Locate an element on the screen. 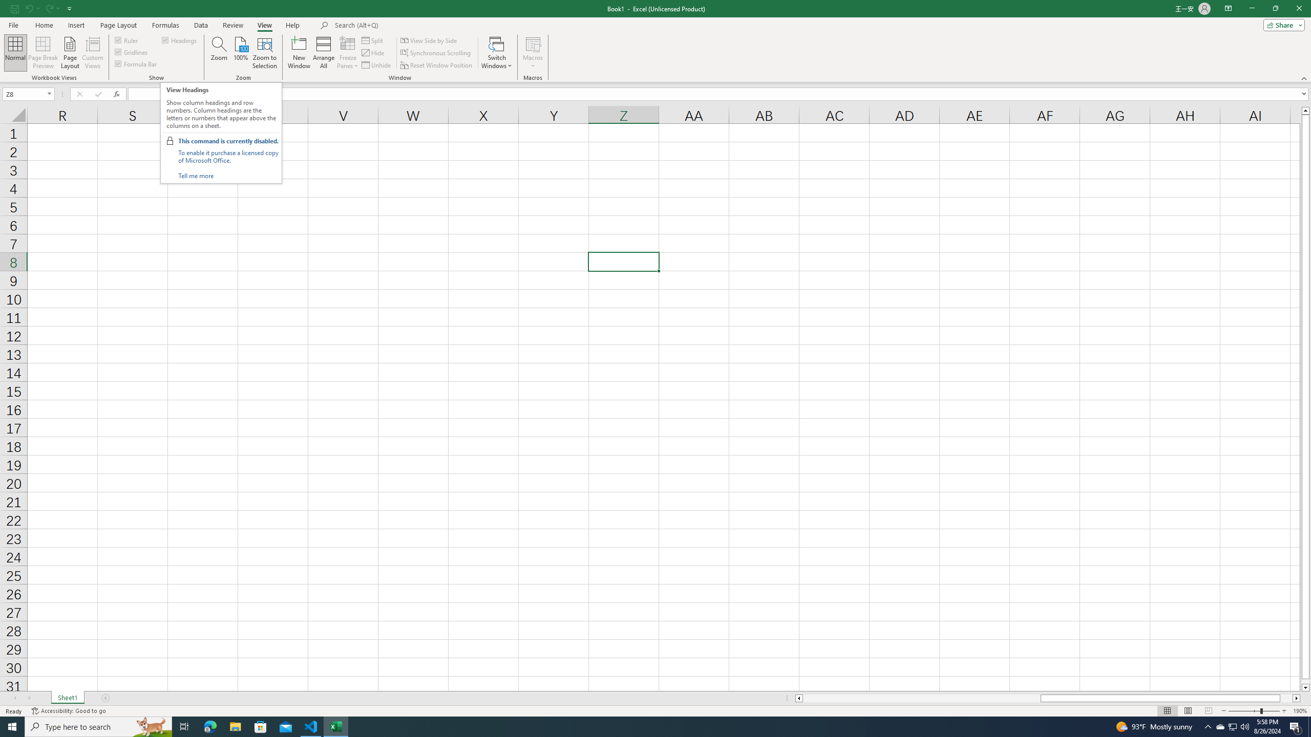 This screenshot has width=1311, height=737. 'Gridlines' is located at coordinates (131, 51).